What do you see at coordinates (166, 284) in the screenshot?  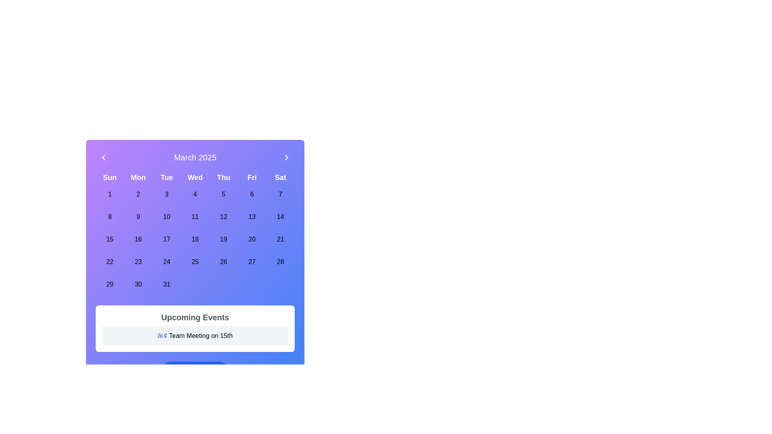 I see `the button representing the 31st day in the calendar month located in the bottom-right corner under the 'Tue' column` at bounding box center [166, 284].